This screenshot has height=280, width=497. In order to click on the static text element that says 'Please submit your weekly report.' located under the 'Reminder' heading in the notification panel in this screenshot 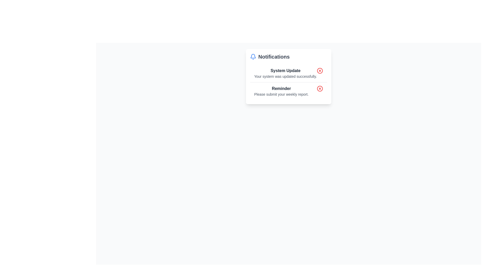, I will do `click(281, 94)`.